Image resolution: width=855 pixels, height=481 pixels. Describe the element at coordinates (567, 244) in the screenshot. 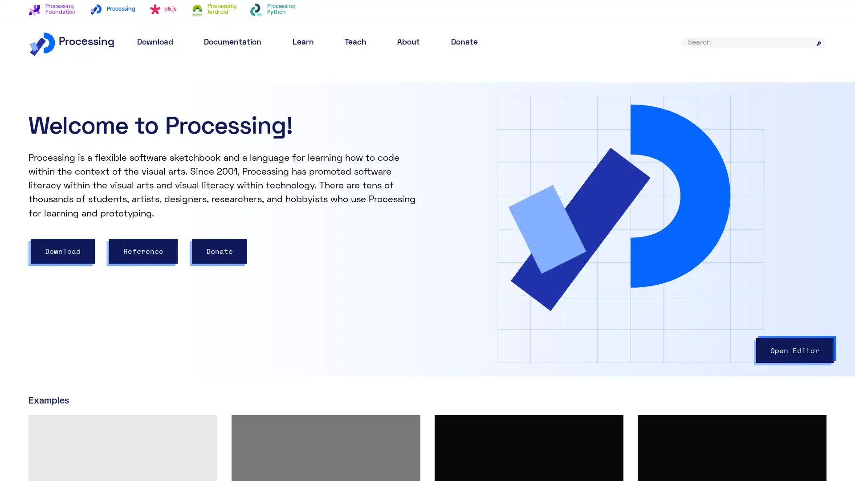

I see `change position` at that location.